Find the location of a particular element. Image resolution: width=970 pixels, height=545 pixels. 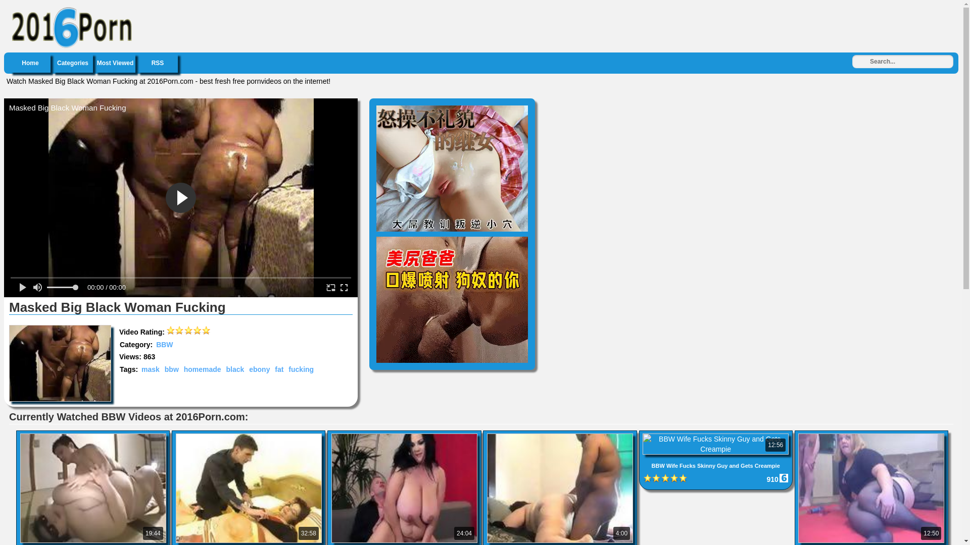

'black' is located at coordinates (224, 369).